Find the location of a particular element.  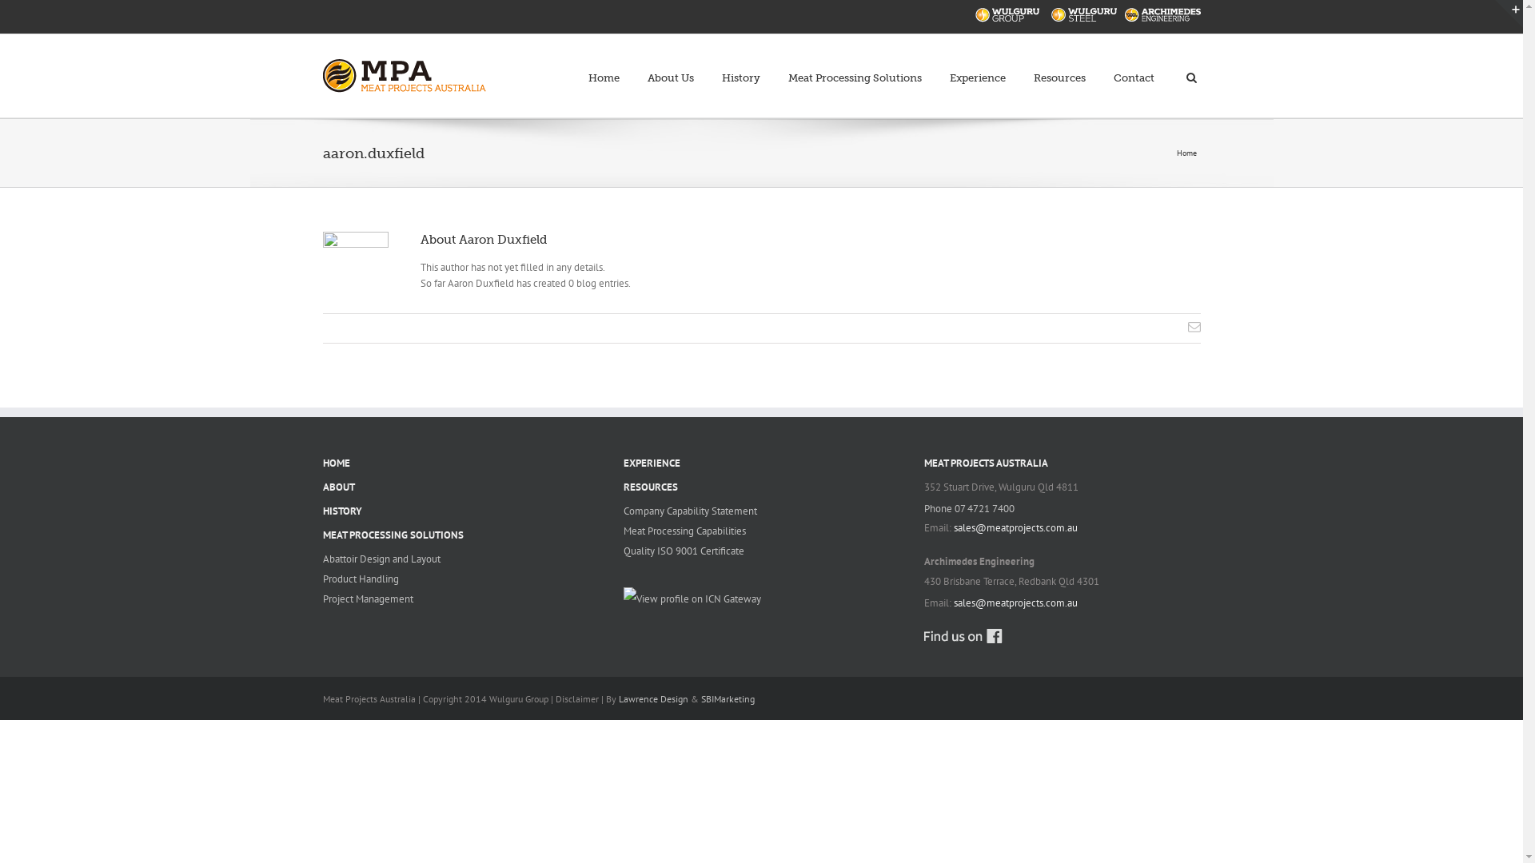

'Contact' is located at coordinates (1132, 67).